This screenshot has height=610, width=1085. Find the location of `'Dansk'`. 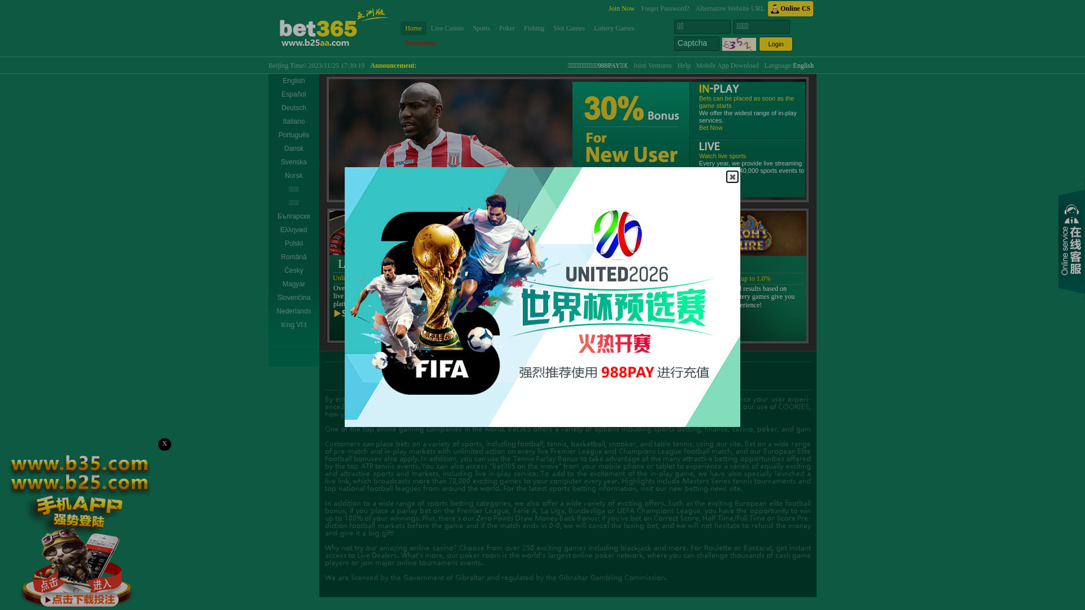

'Dansk' is located at coordinates (293, 147).